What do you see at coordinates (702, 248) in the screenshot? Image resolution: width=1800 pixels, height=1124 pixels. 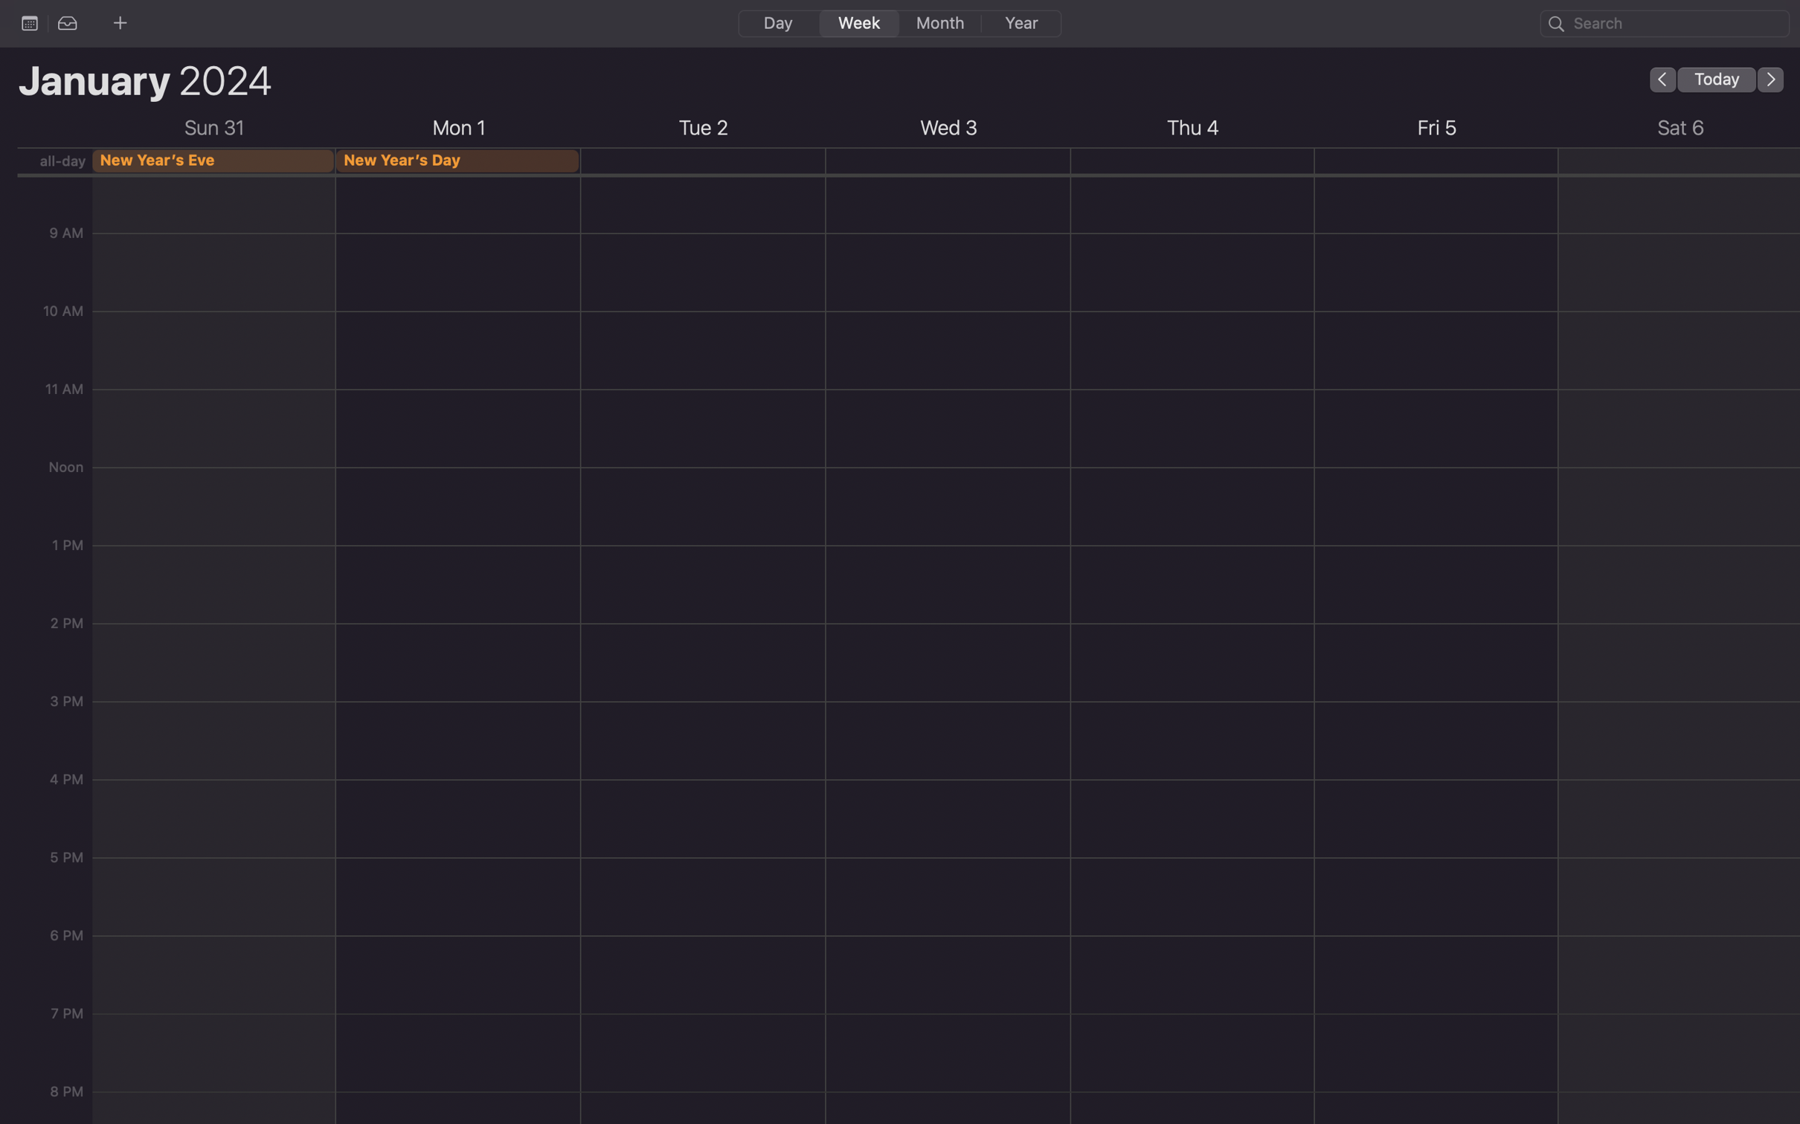 I see `up an agenda for Wednesday from 10:30 am to 2 pm` at bounding box center [702, 248].